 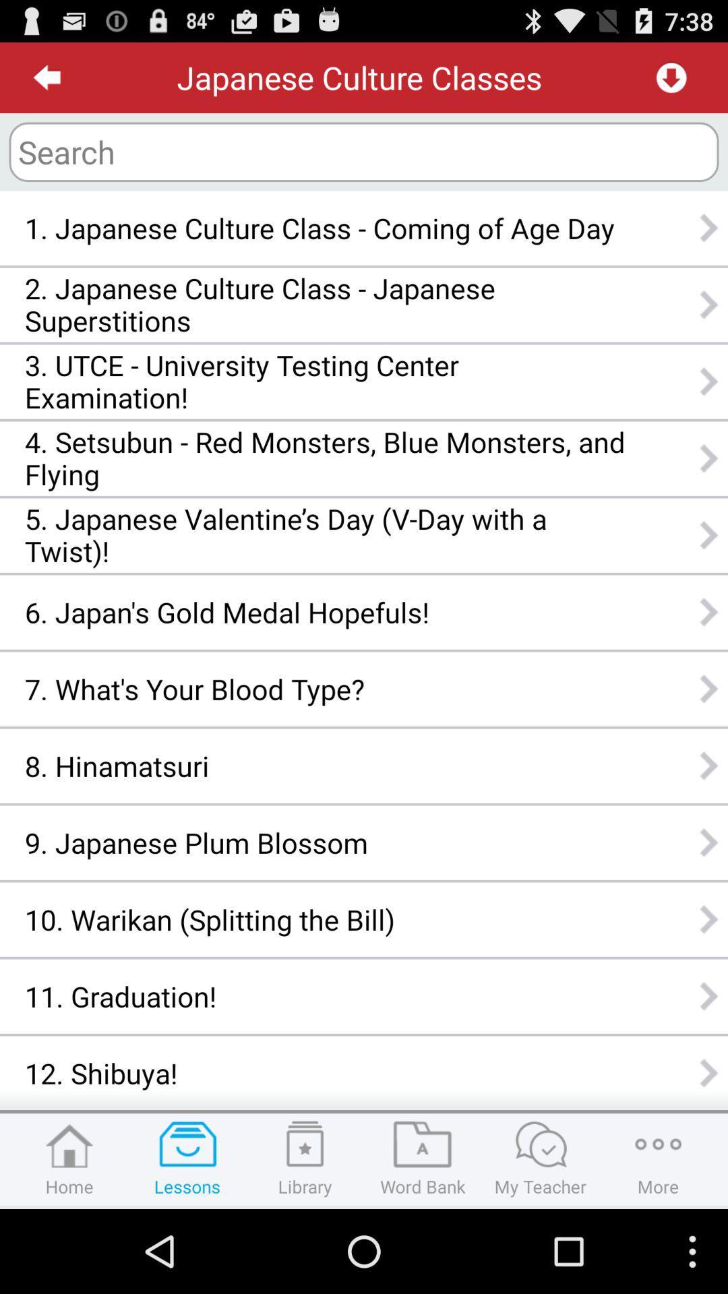 I want to click on the arrow_backward icon, so click(x=47, y=82).